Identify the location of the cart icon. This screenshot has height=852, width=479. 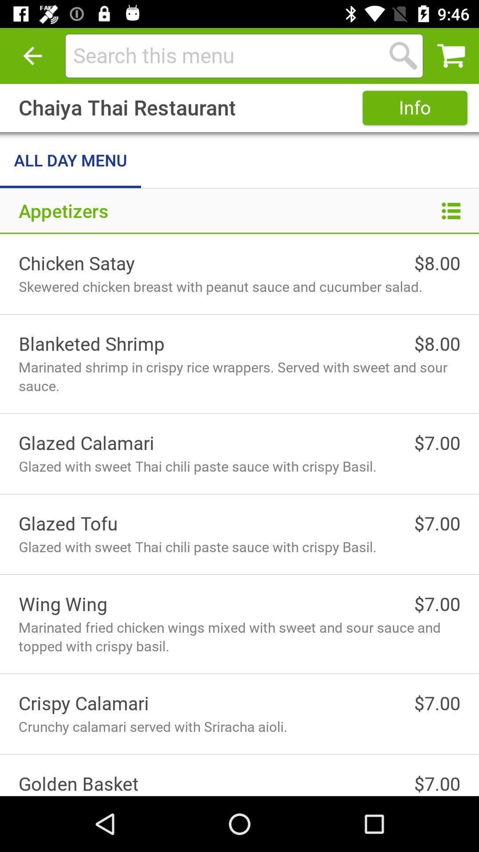
(451, 55).